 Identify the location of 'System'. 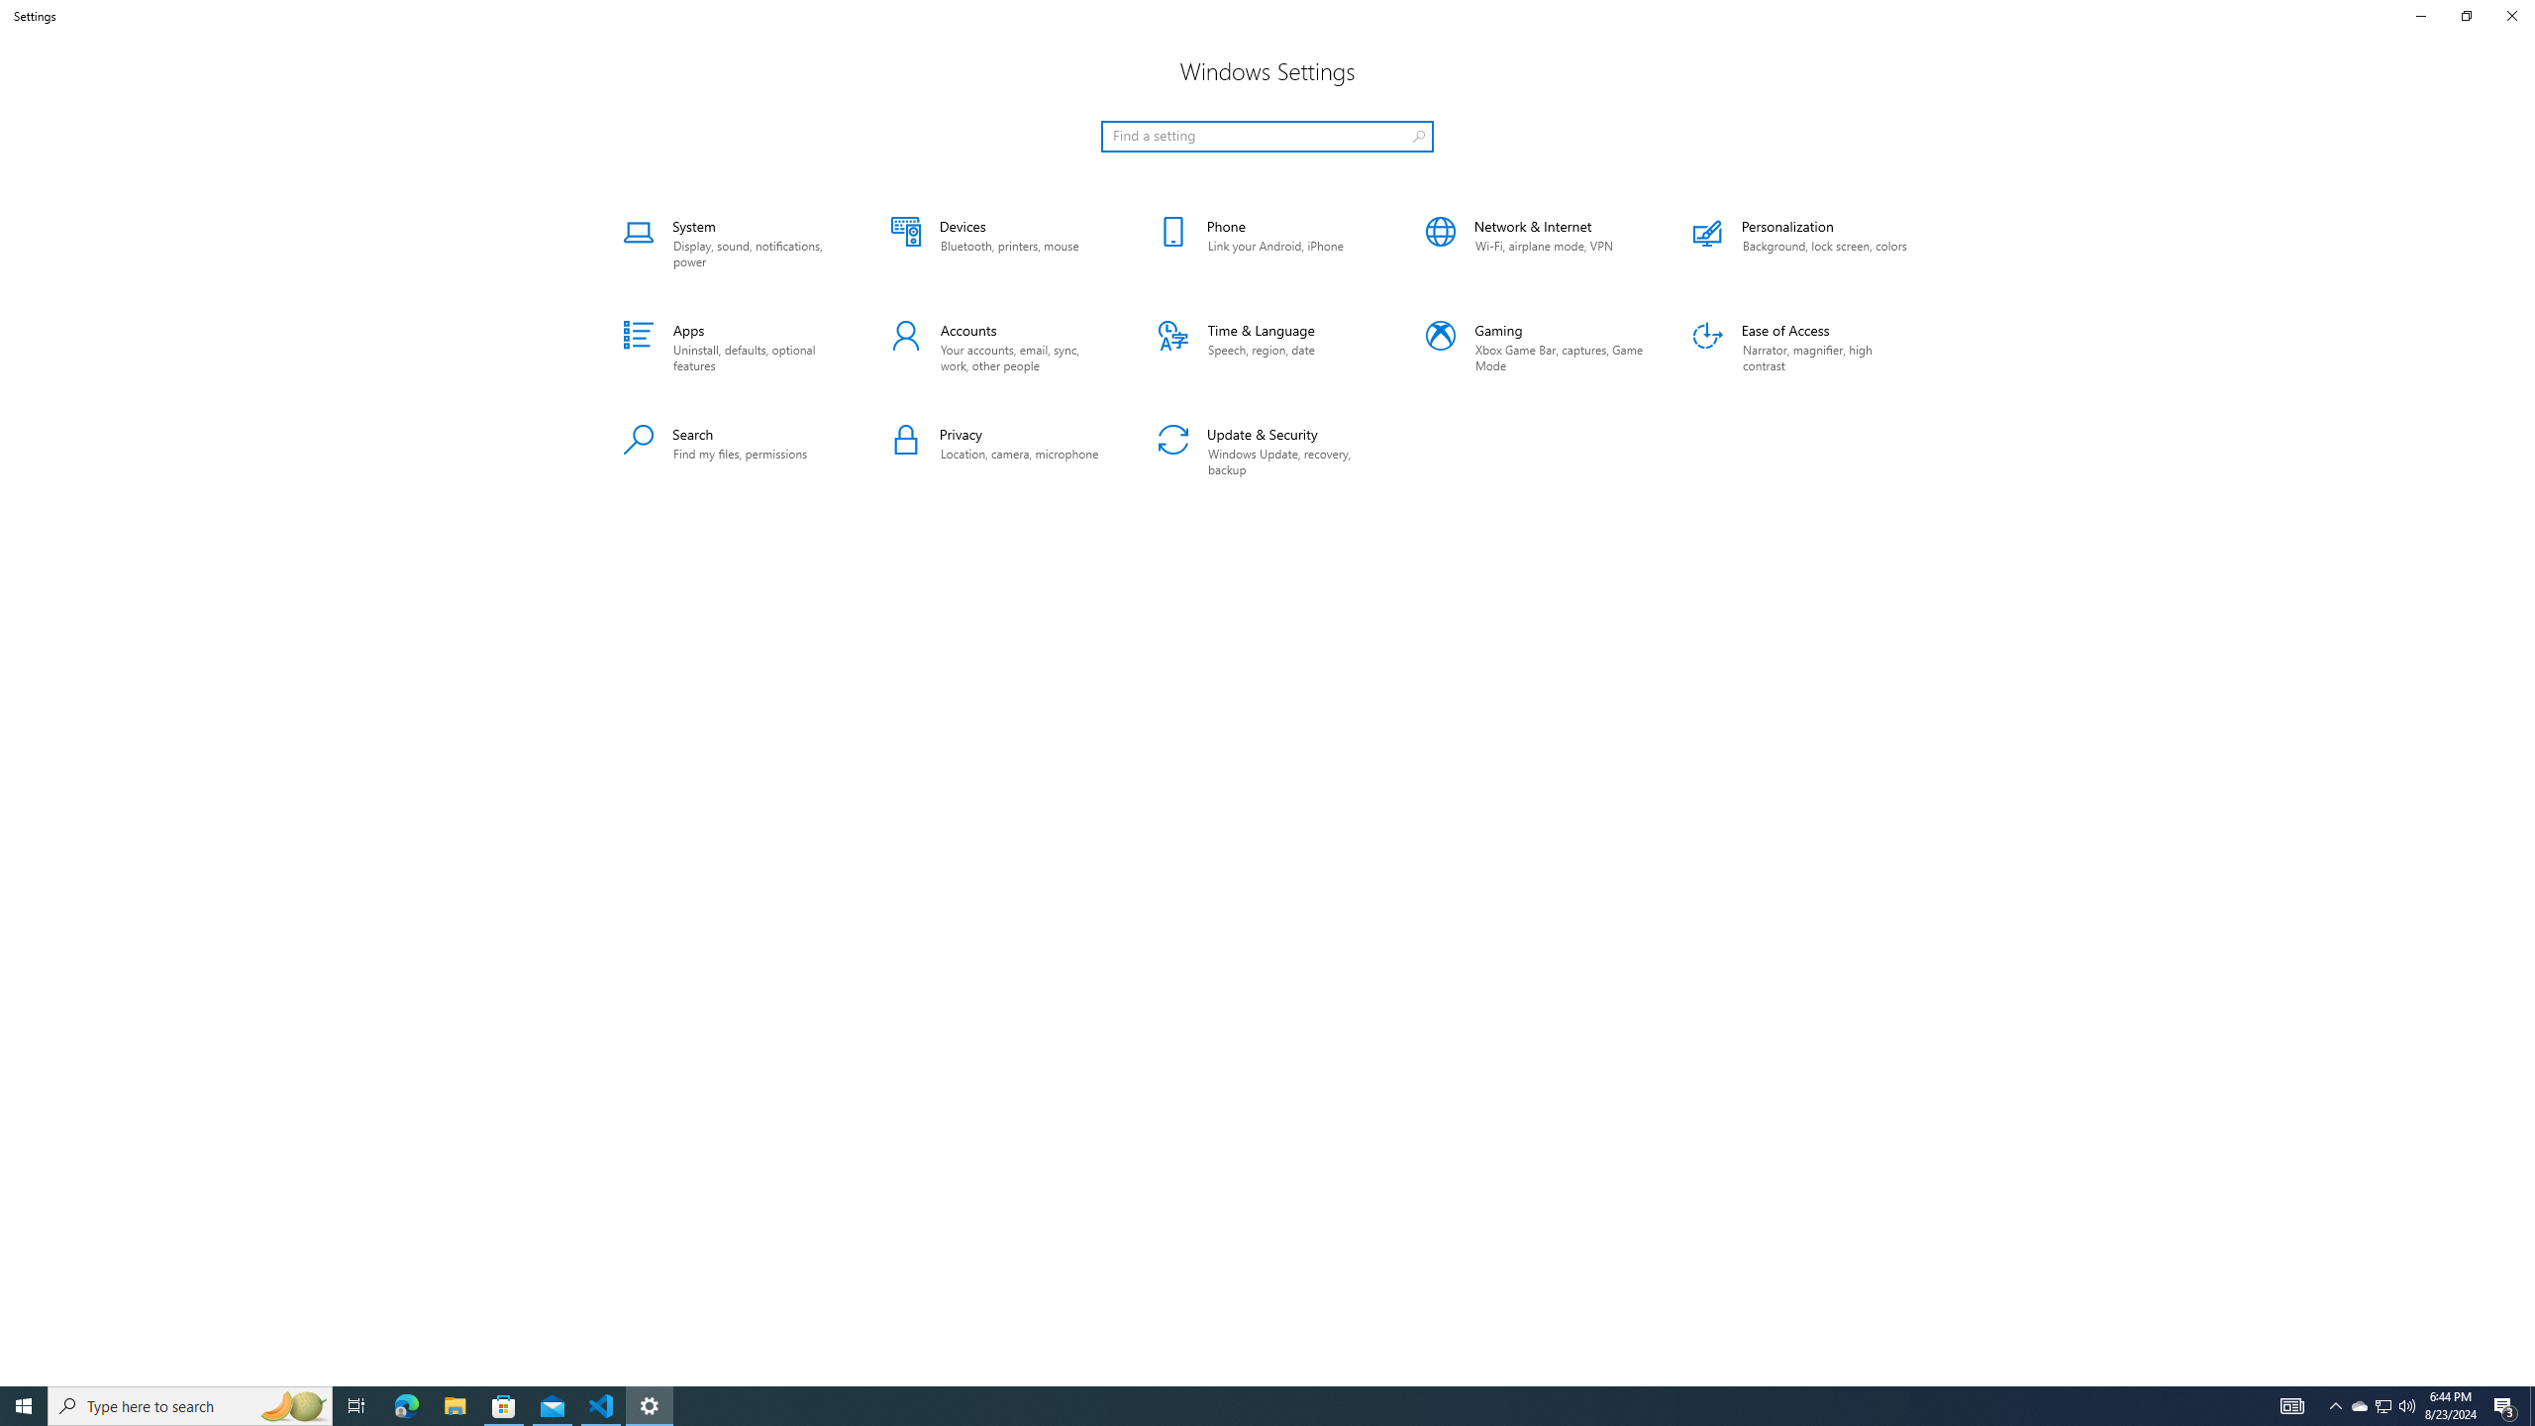
(731, 243).